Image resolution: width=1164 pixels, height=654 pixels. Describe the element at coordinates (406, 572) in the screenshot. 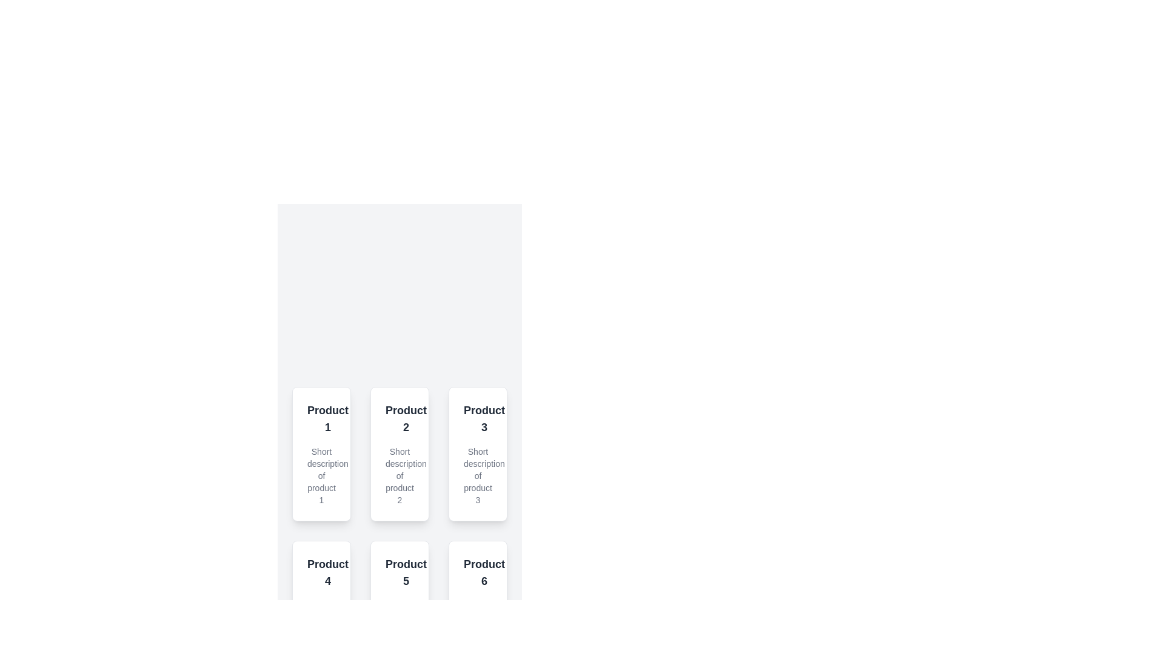

I see `the text label styled in bold, large font with the content 'Product 5', which is prominently displayed in dark gray on a light background, located in the second row, middle column of the product cards` at that location.